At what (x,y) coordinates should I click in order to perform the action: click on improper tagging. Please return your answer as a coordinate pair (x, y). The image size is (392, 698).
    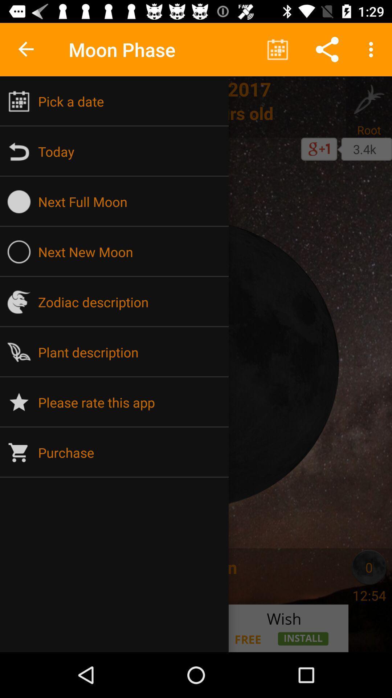
    Looking at the image, I should click on (23, 567).